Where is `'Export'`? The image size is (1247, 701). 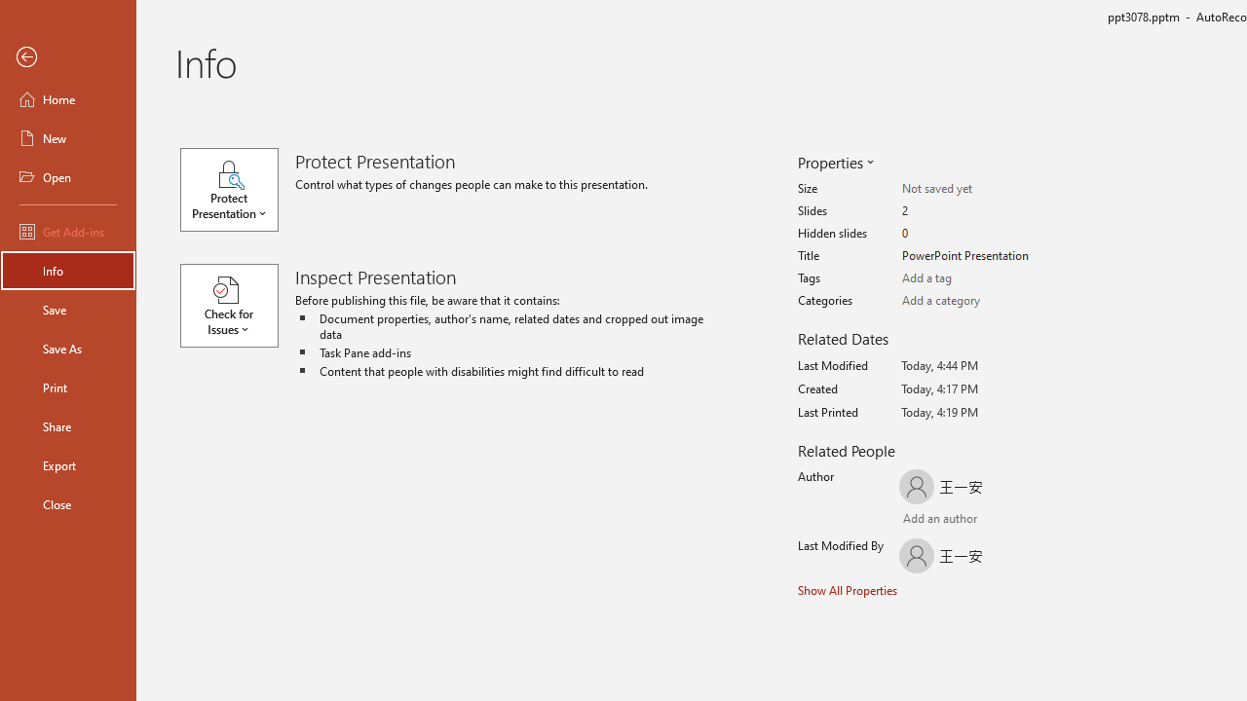 'Export' is located at coordinates (67, 465).